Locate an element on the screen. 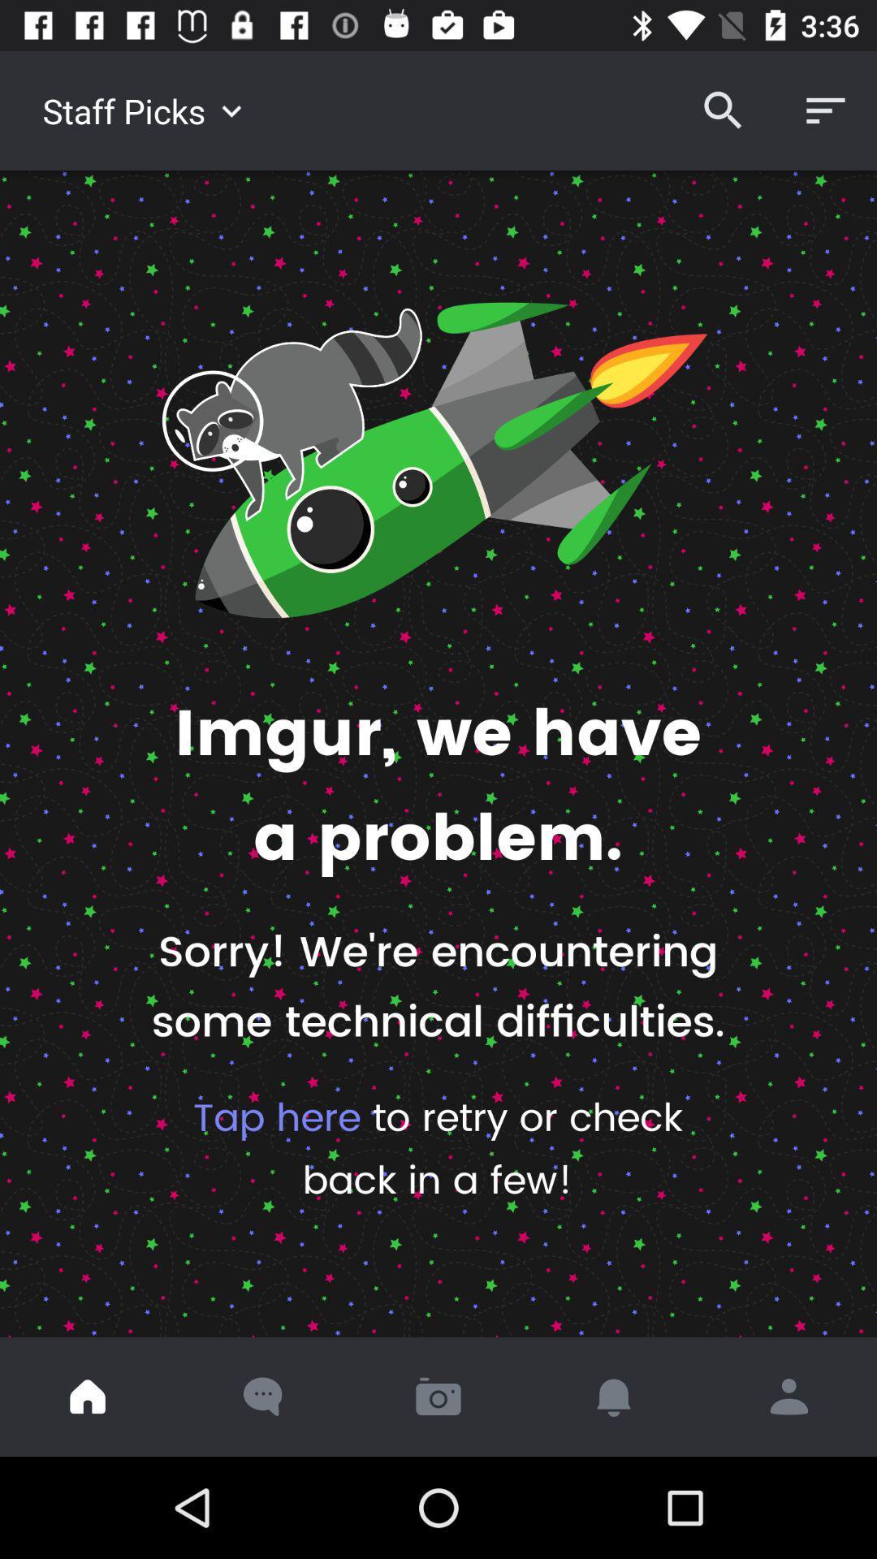  the avatar icon is located at coordinates (788, 1396).